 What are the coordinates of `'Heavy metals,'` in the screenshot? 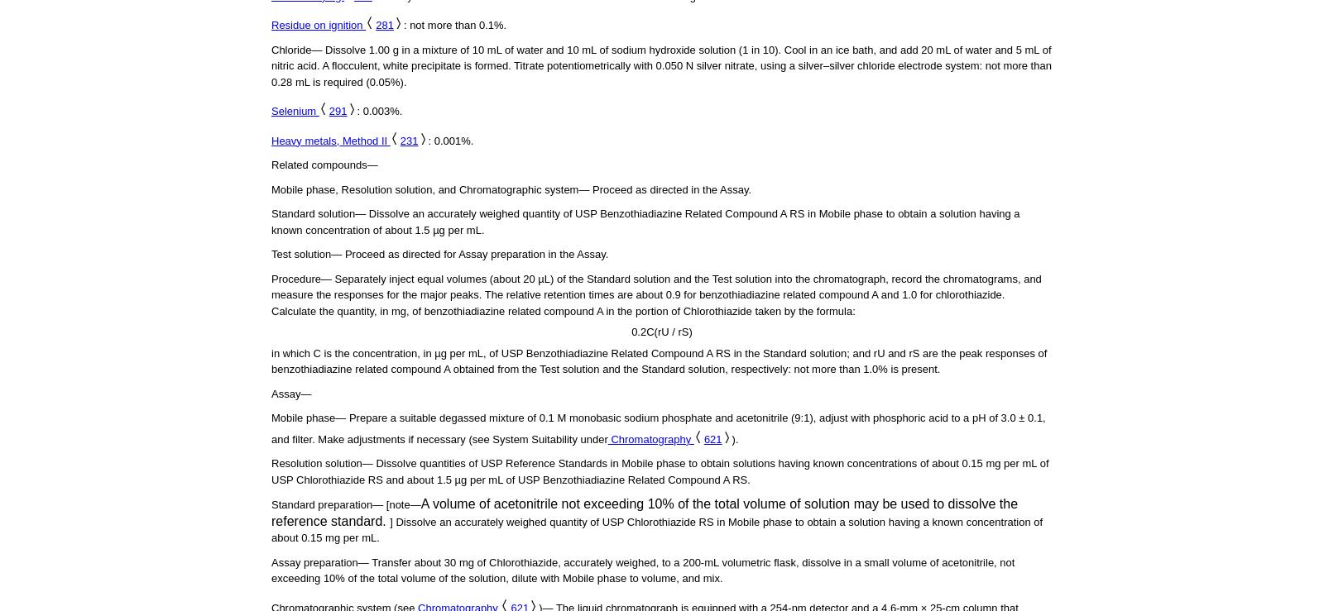 It's located at (305, 140).